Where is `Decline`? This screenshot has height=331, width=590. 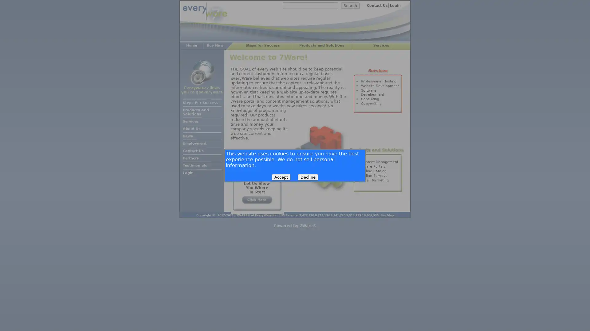 Decline is located at coordinates (308, 177).